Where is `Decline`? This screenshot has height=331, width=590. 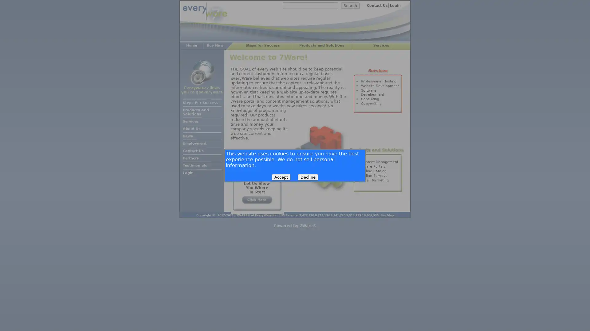 Decline is located at coordinates (308, 177).